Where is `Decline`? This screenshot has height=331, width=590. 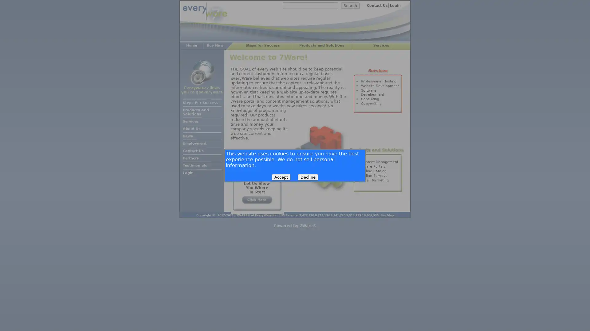 Decline is located at coordinates (308, 177).